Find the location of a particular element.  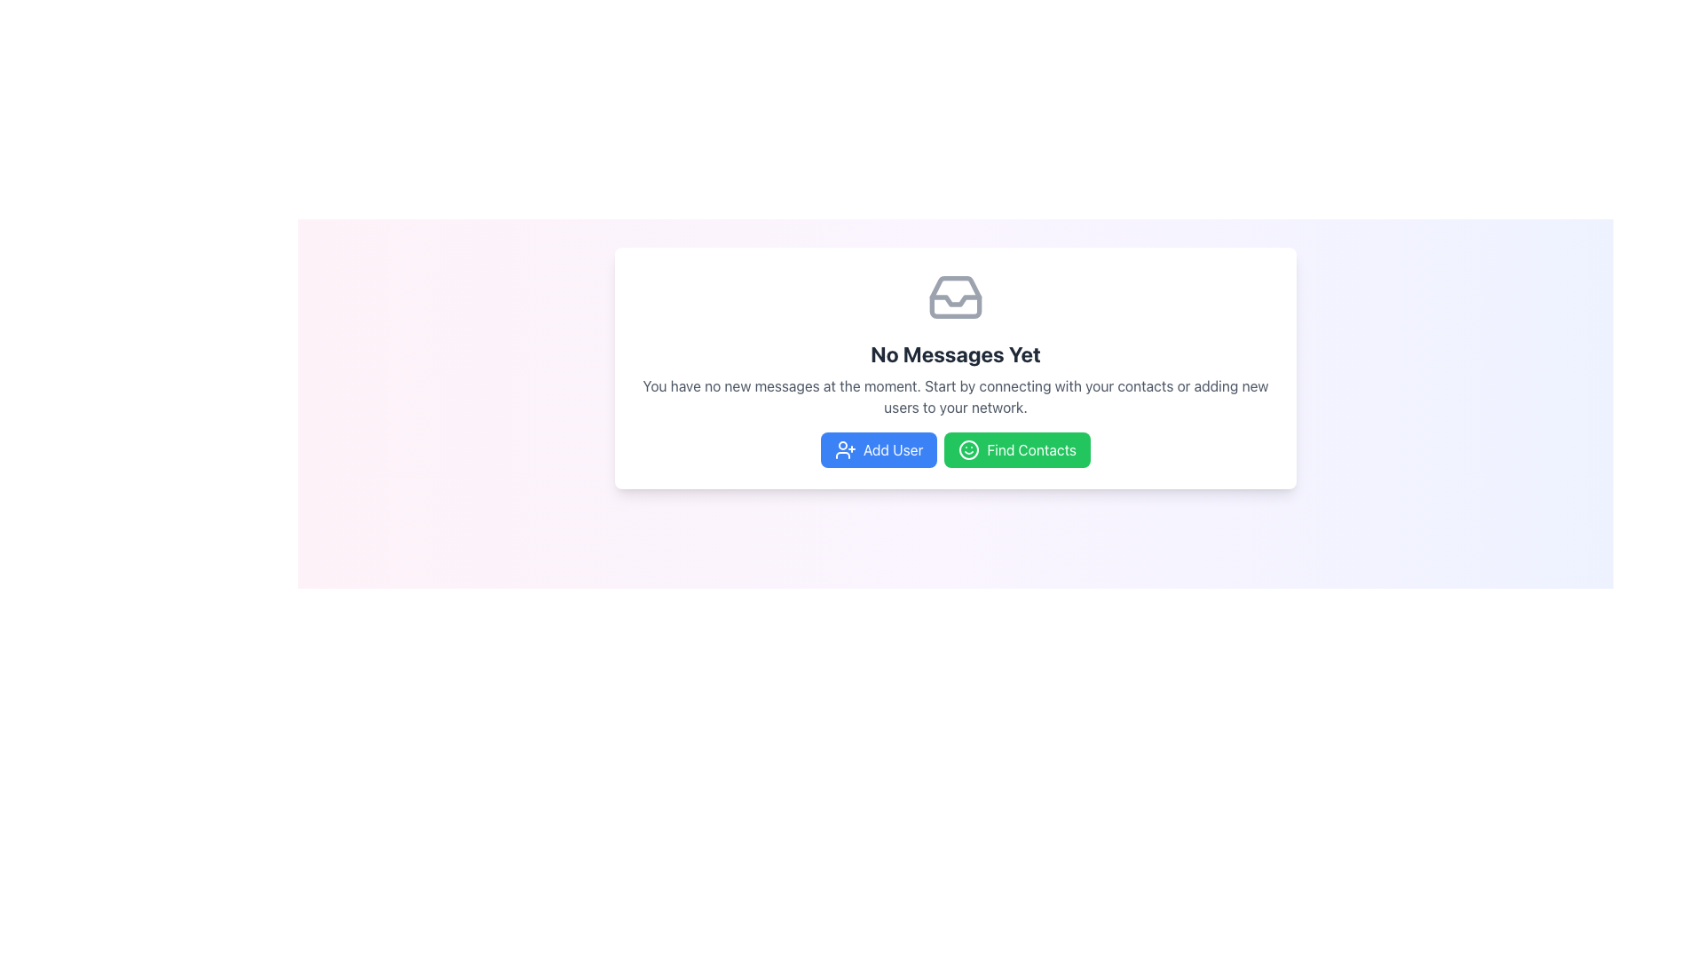

the decorative icon that visually supports the 'No Messages Yet' message, located in the top portion of the content card is located at coordinates (954, 297).